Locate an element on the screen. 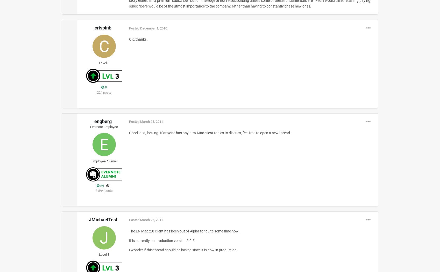  'JMichaelTest' is located at coordinates (103, 219).